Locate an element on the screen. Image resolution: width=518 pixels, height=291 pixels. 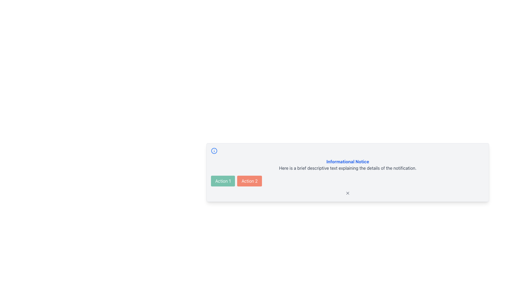
the Decorative separator bar located within the notification card, which serves as a decorative element above the content and action buttons is located at coordinates (348, 151).